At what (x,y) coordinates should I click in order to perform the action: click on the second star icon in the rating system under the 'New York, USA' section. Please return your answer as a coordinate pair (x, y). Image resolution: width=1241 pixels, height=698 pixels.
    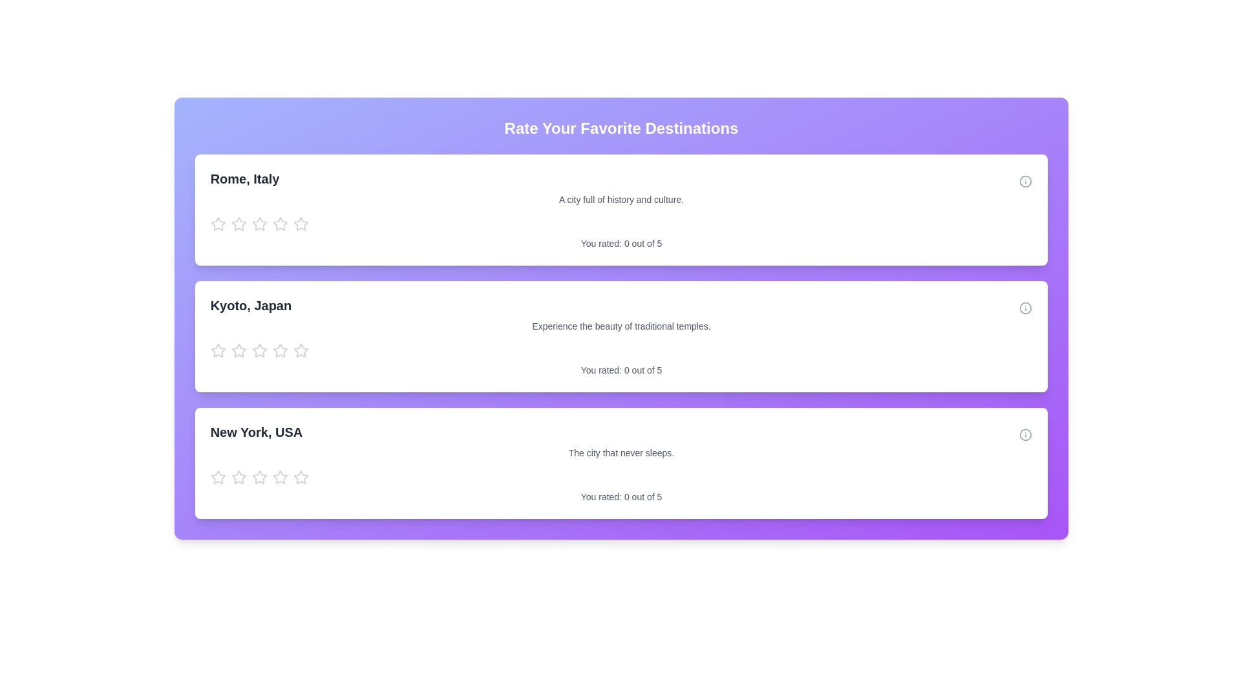
    Looking at the image, I should click on (239, 478).